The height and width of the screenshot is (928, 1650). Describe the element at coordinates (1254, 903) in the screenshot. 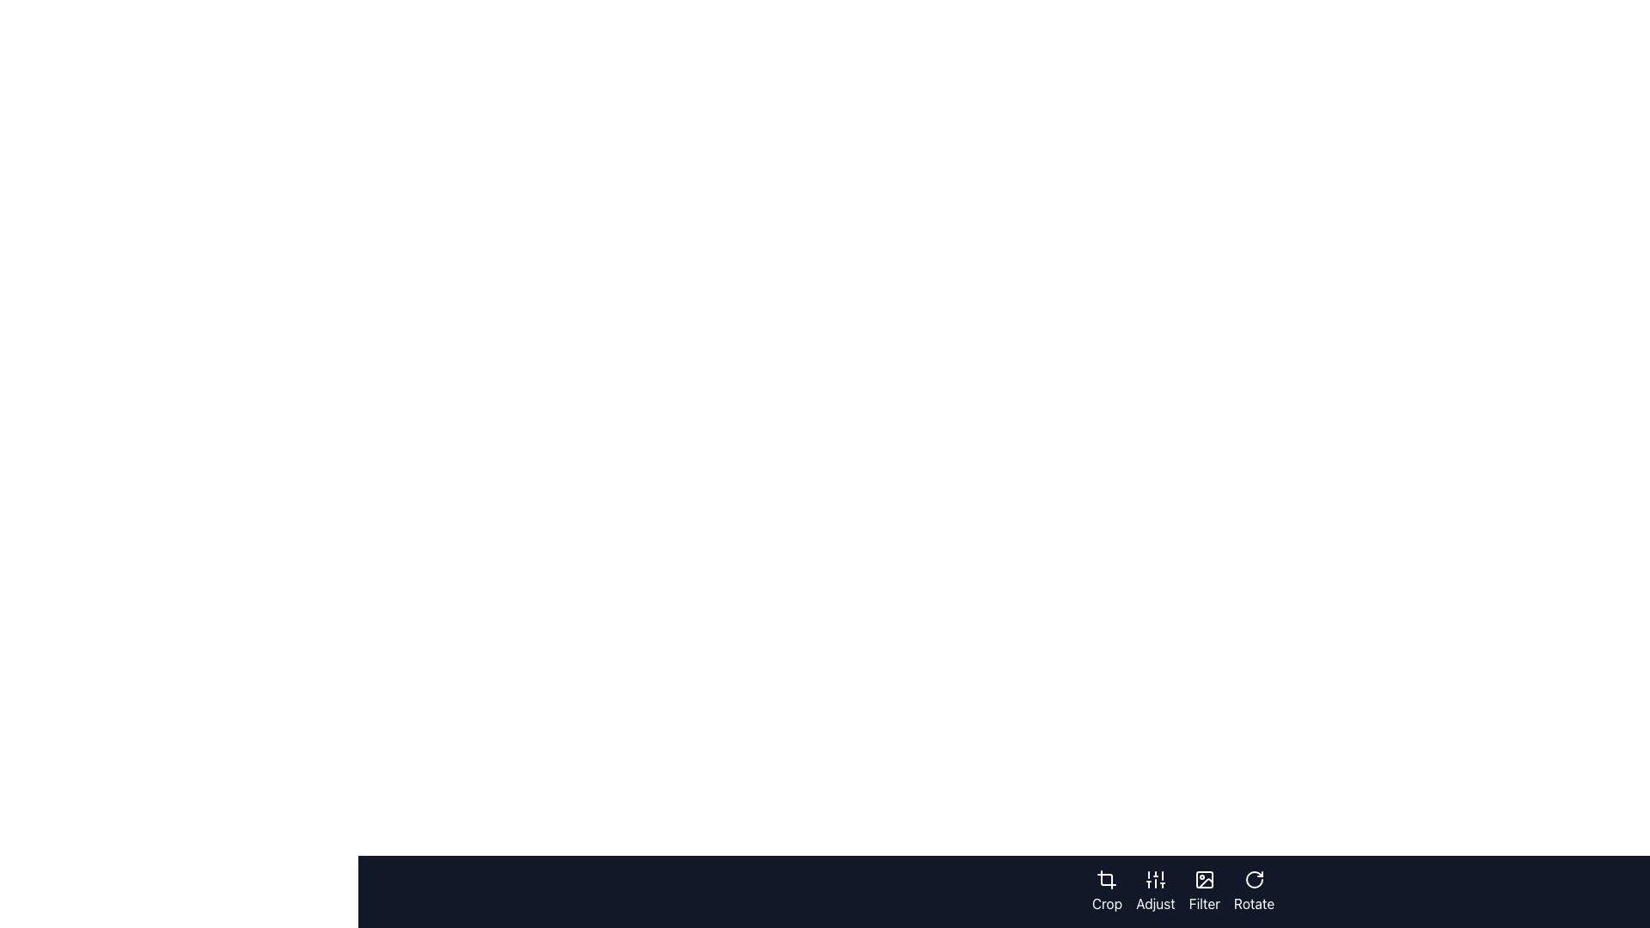

I see `the 'Rotate' button located at the bottom of the interface, to the right of the 'Filter' option` at that location.